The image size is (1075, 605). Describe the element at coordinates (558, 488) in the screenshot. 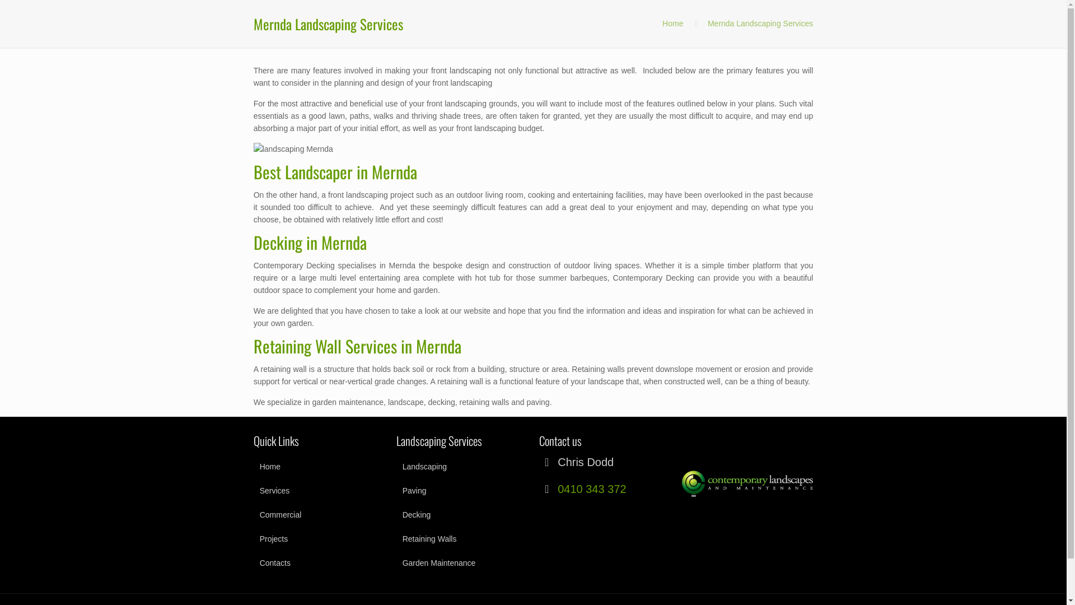

I see `'0410 343 372'` at that location.